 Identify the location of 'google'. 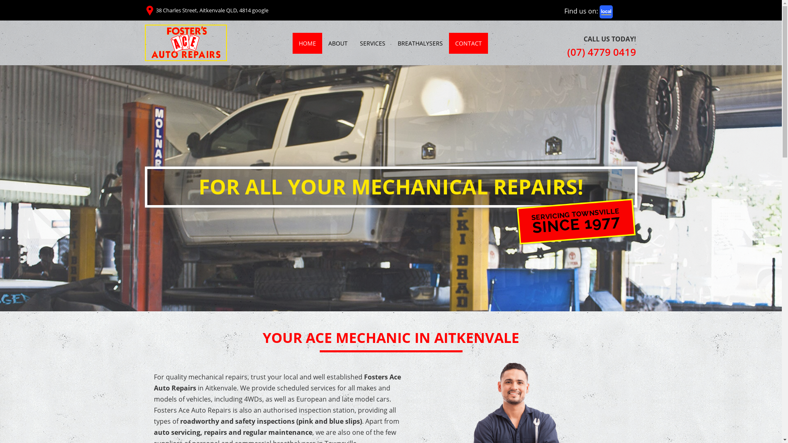
(259, 10).